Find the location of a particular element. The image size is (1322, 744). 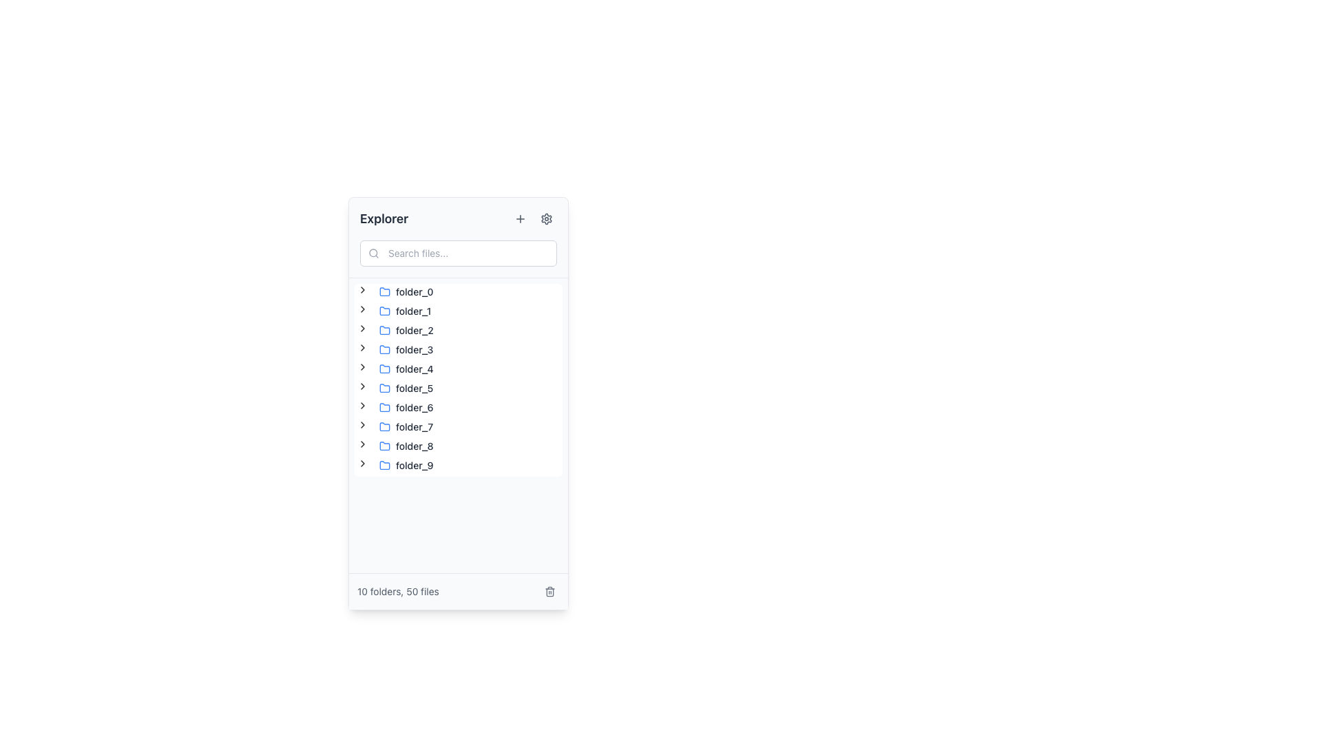

the fourth item is located at coordinates (396, 349).